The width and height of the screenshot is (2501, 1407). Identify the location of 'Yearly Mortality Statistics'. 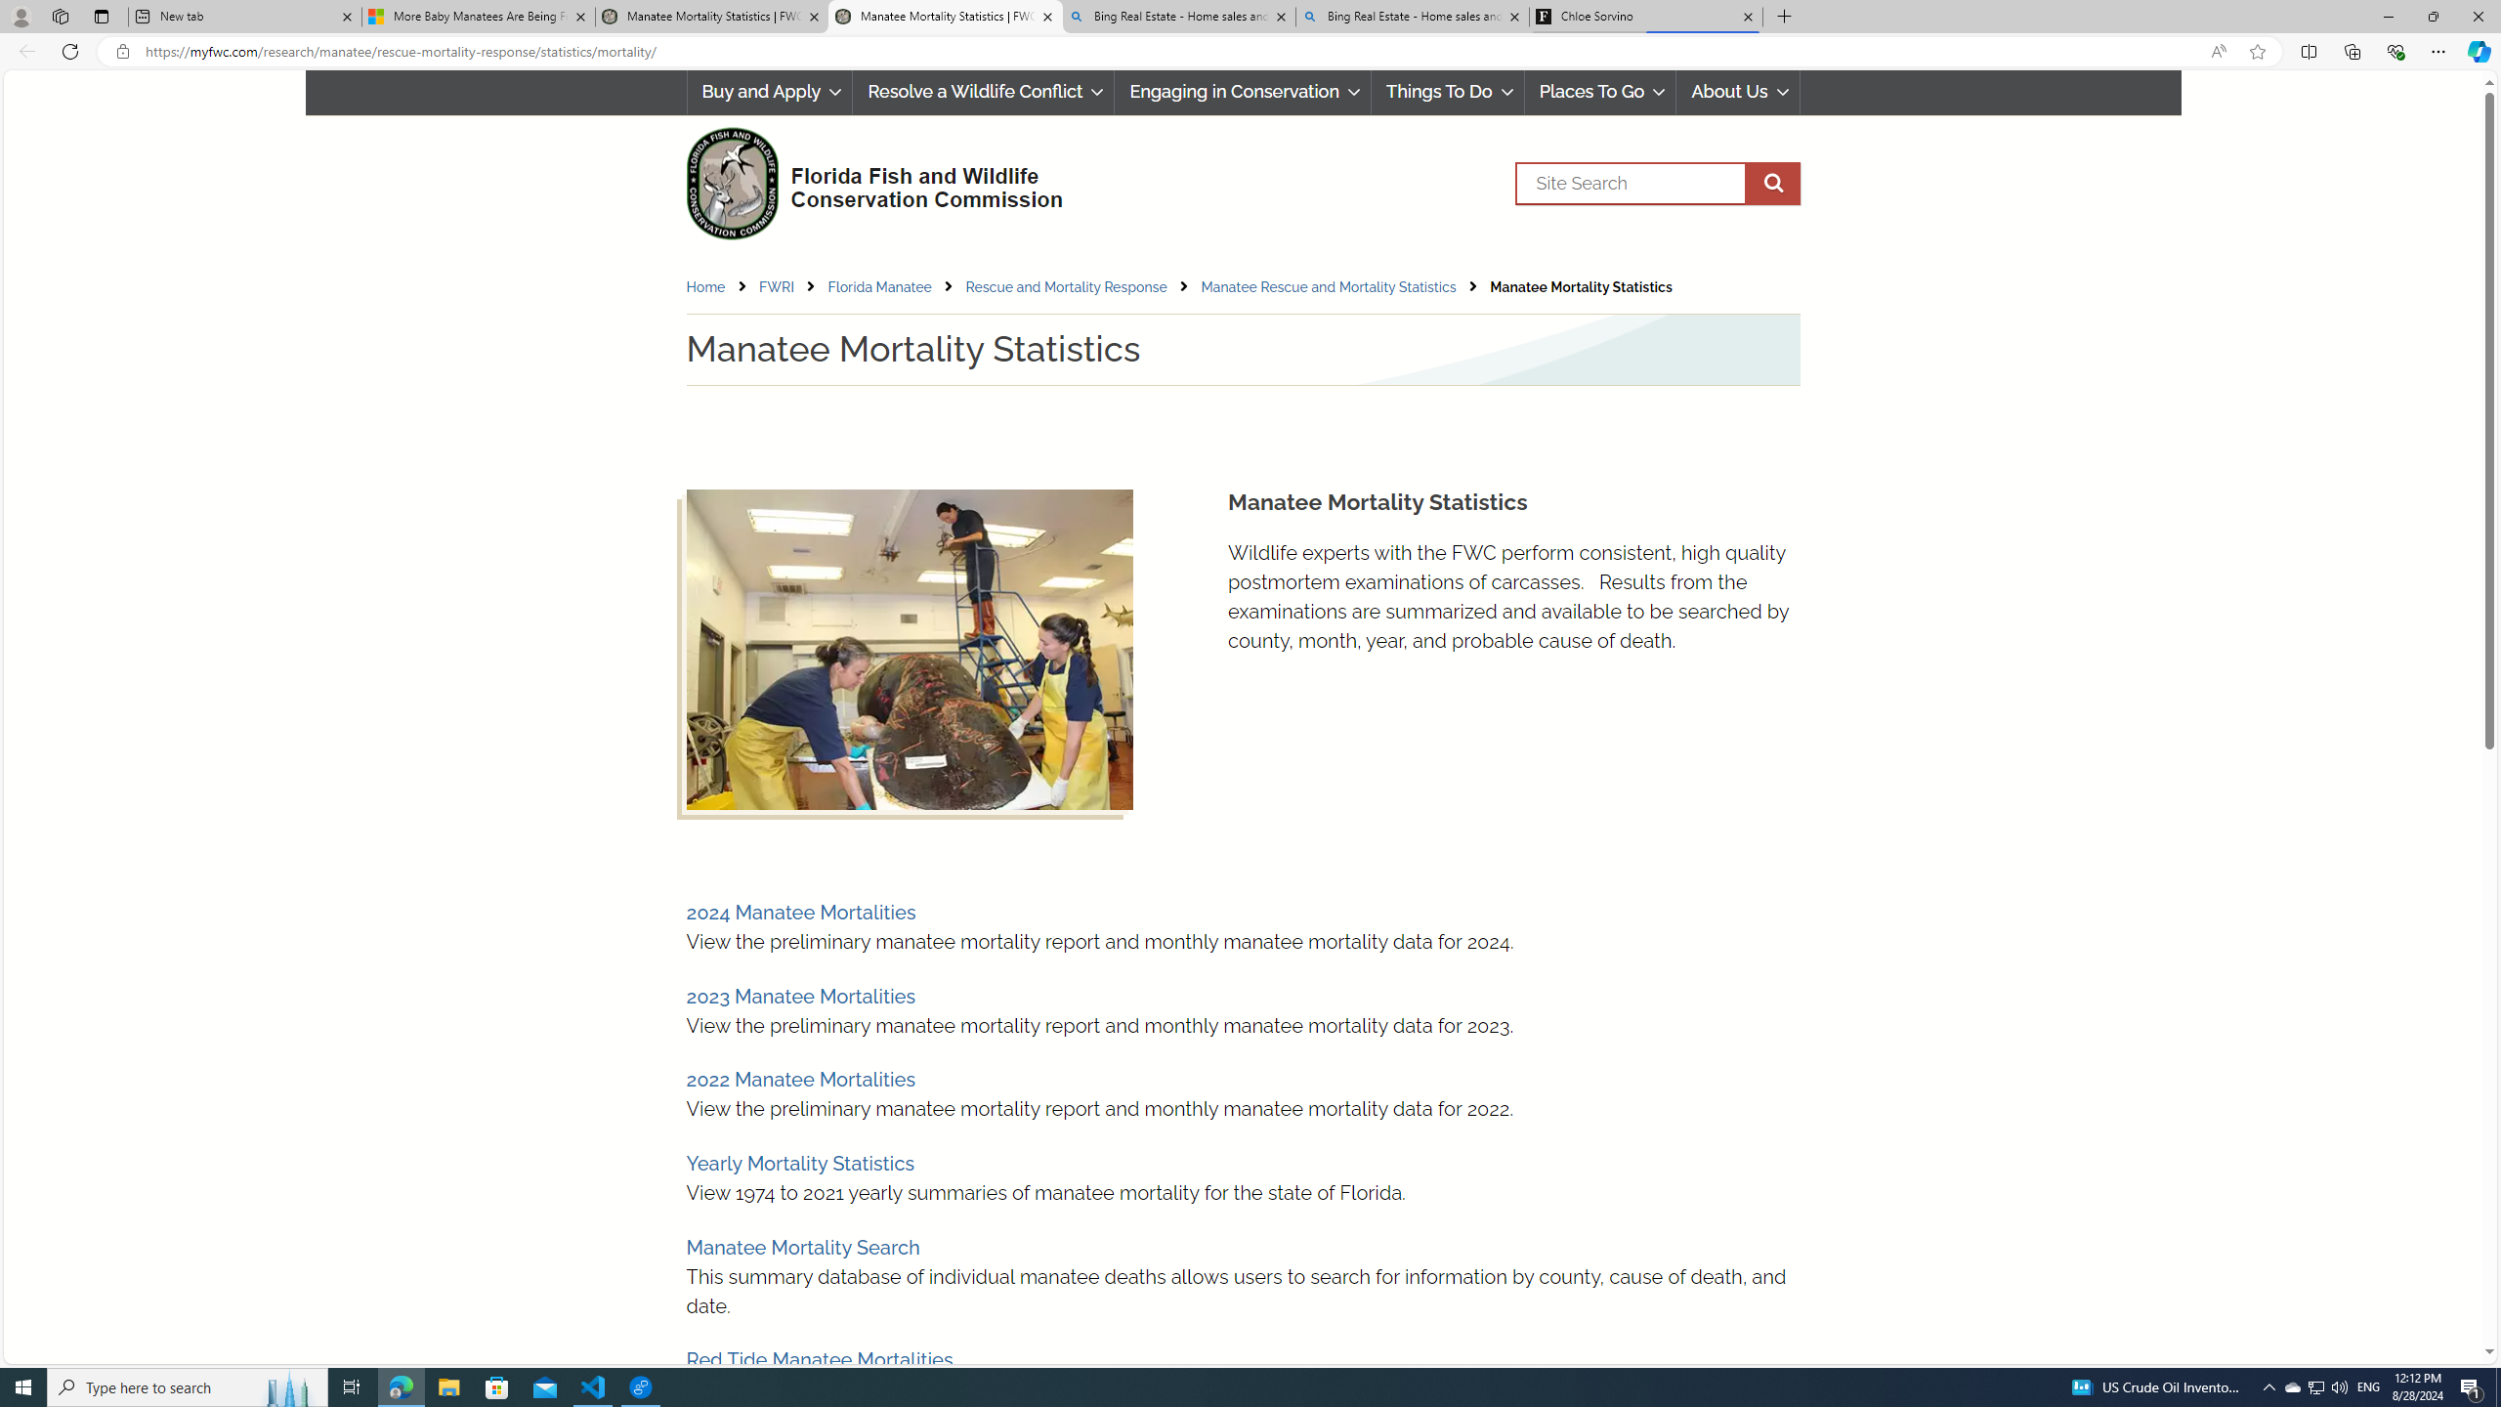
(800, 1164).